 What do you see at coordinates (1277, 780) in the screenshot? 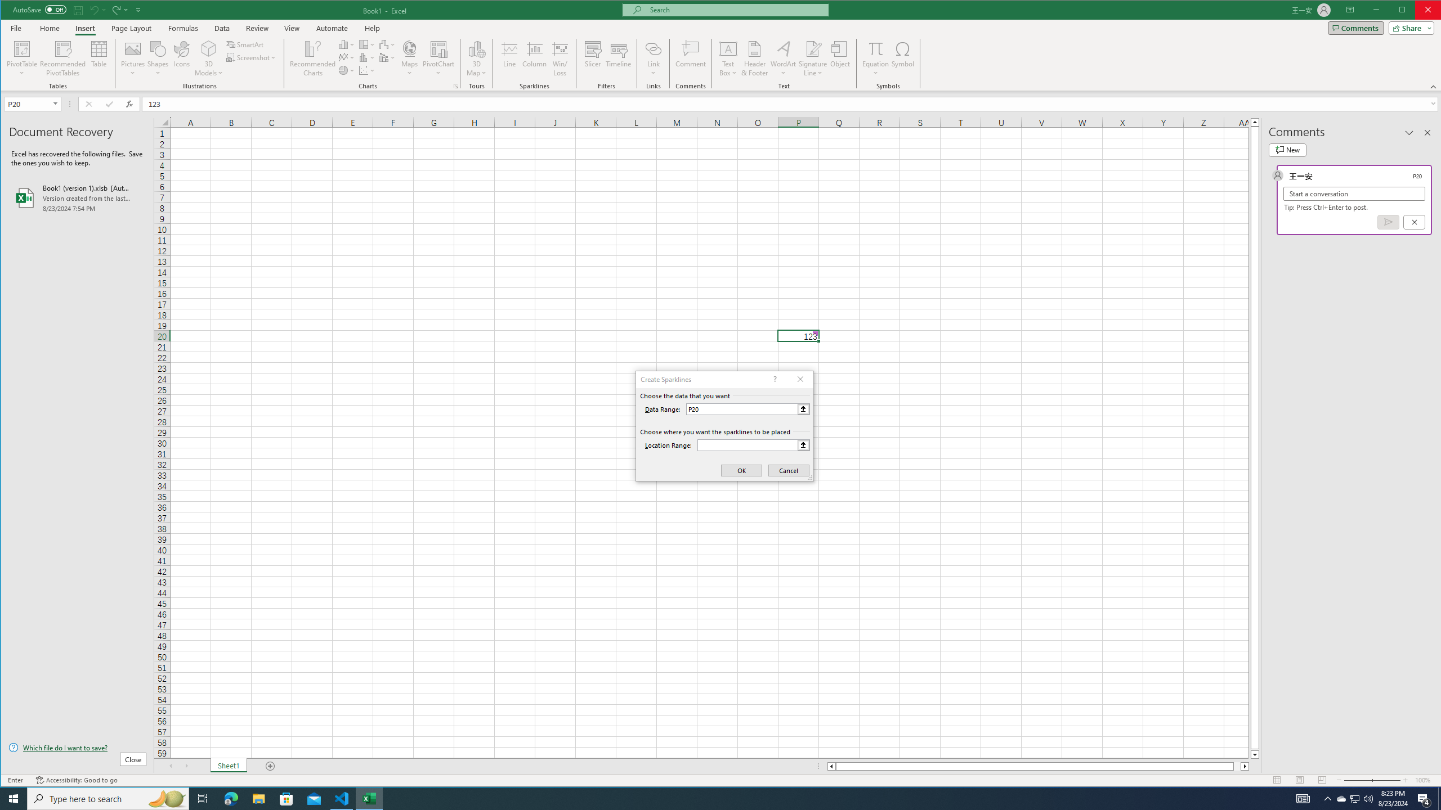
I see `'Normal'` at bounding box center [1277, 780].